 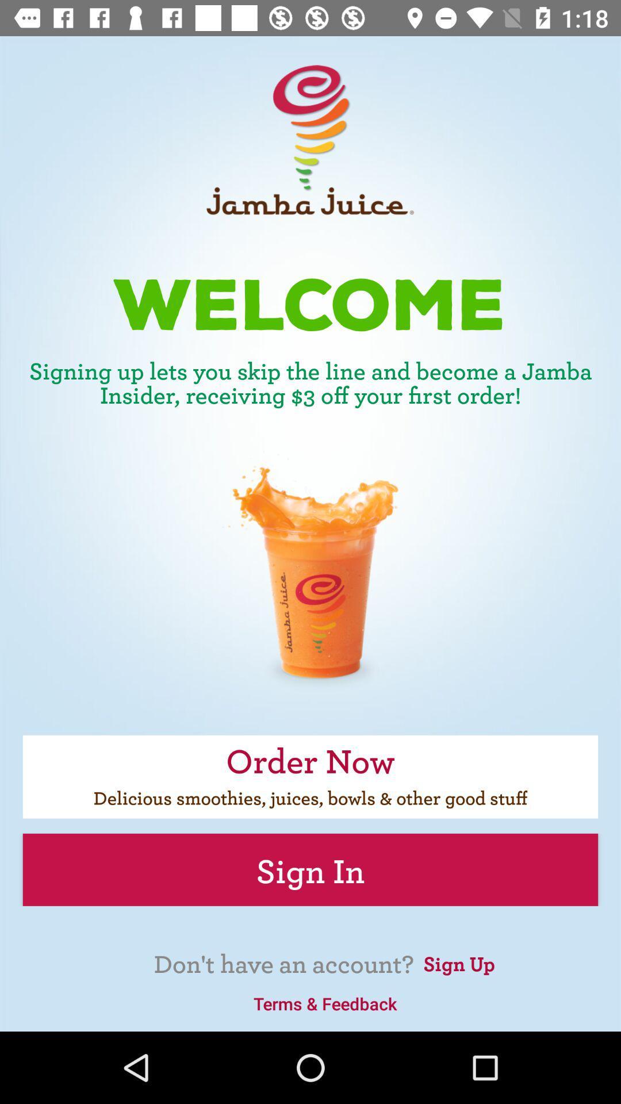 What do you see at coordinates (458, 962) in the screenshot?
I see `the icon to the right of the don t have item` at bounding box center [458, 962].